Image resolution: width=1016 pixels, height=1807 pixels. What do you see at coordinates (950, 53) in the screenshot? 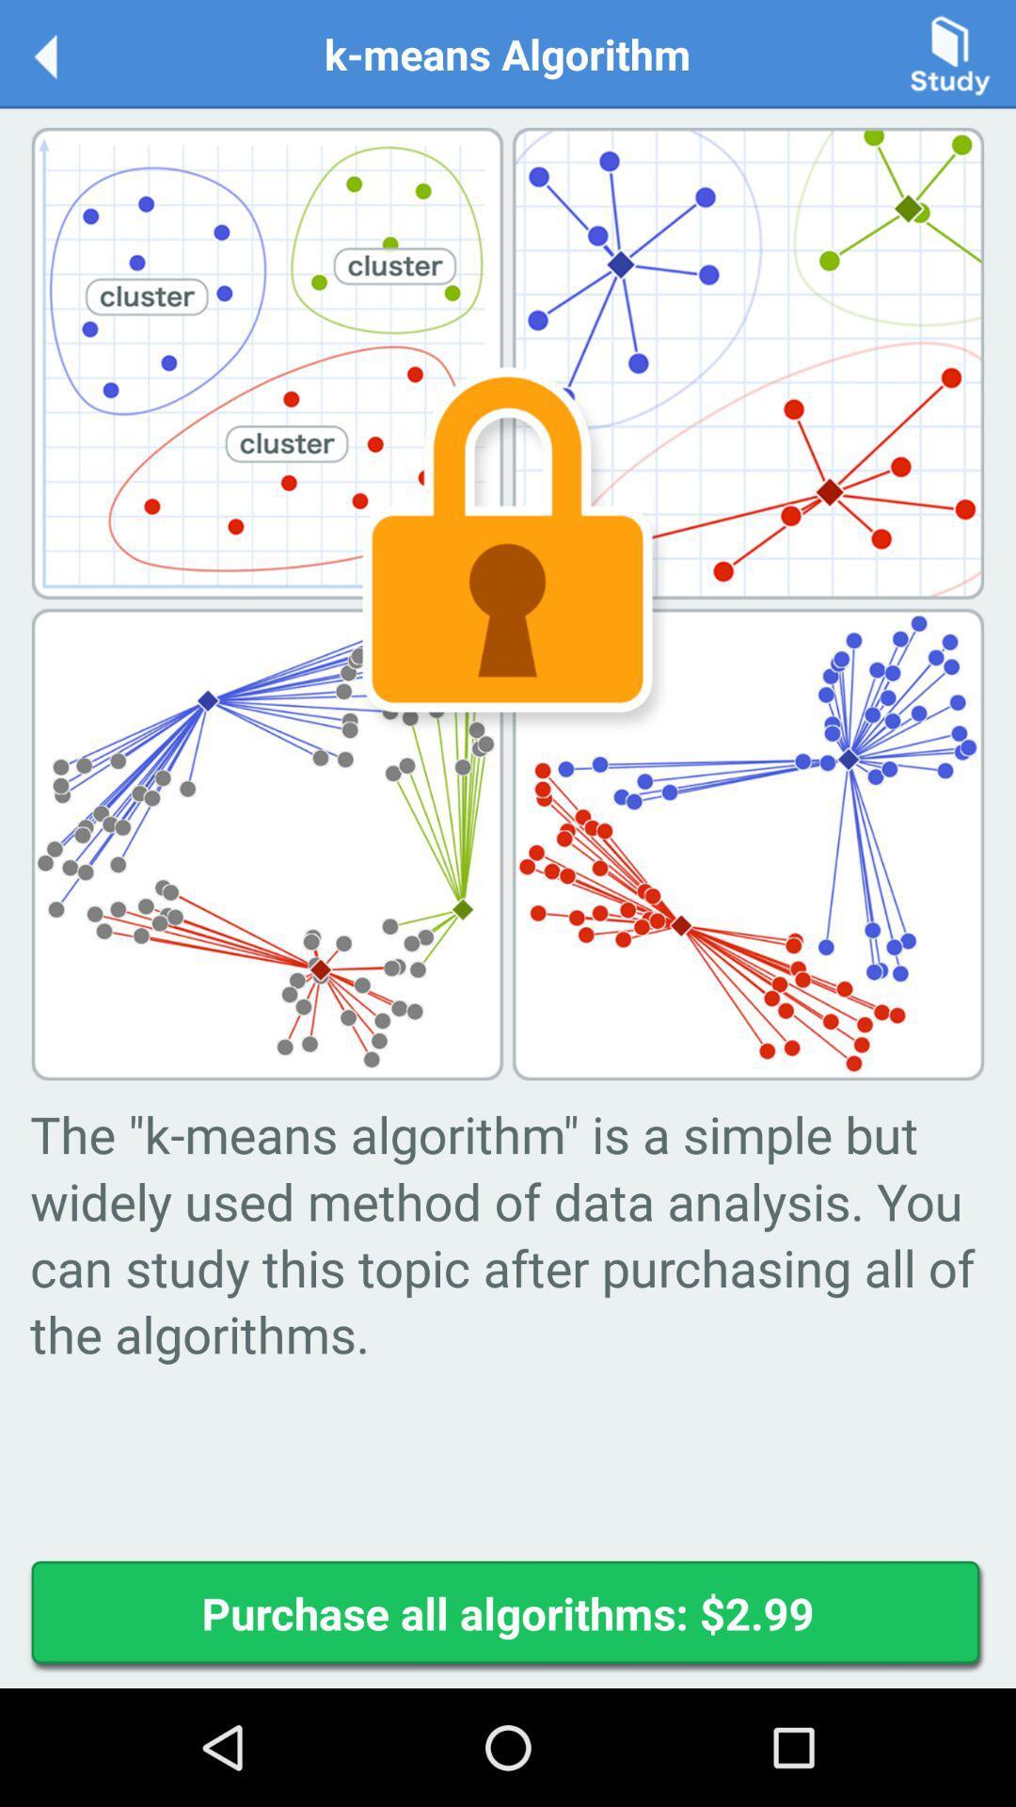
I see `opens study window` at bounding box center [950, 53].